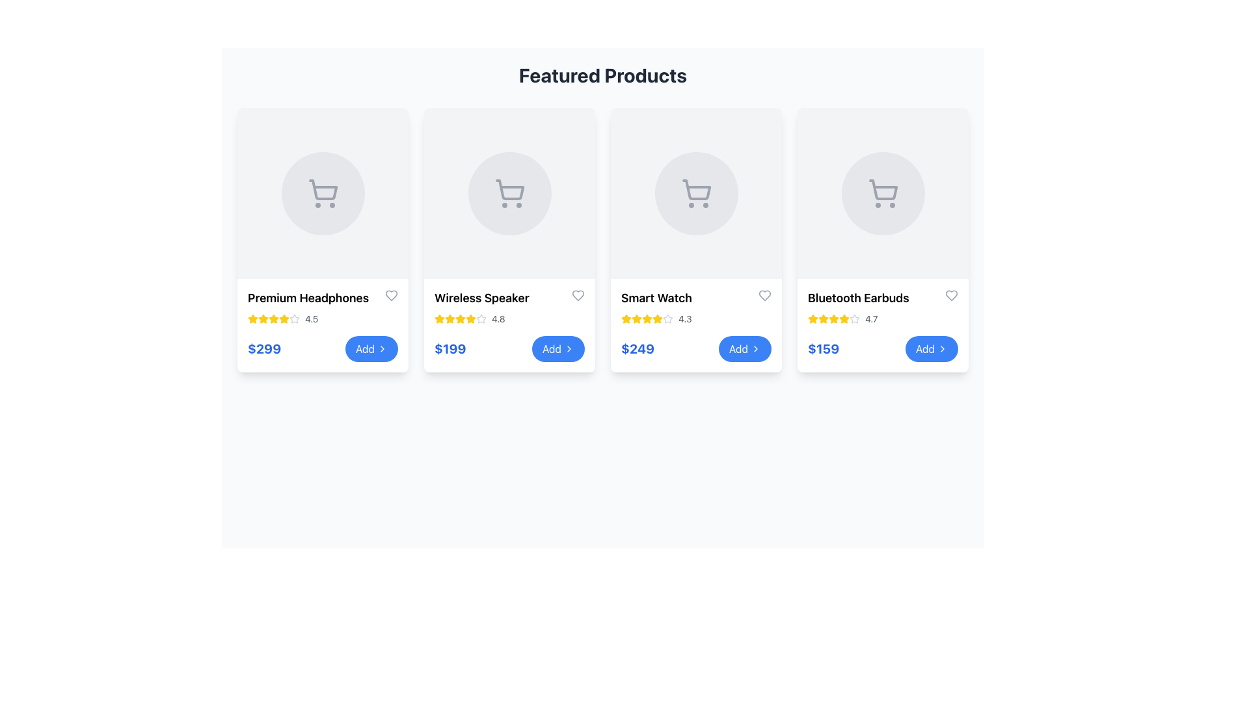  I want to click on the rating icon in the 'Wireless Speaker' product card, located near the numeric rating value '4.8', so click(461, 318).